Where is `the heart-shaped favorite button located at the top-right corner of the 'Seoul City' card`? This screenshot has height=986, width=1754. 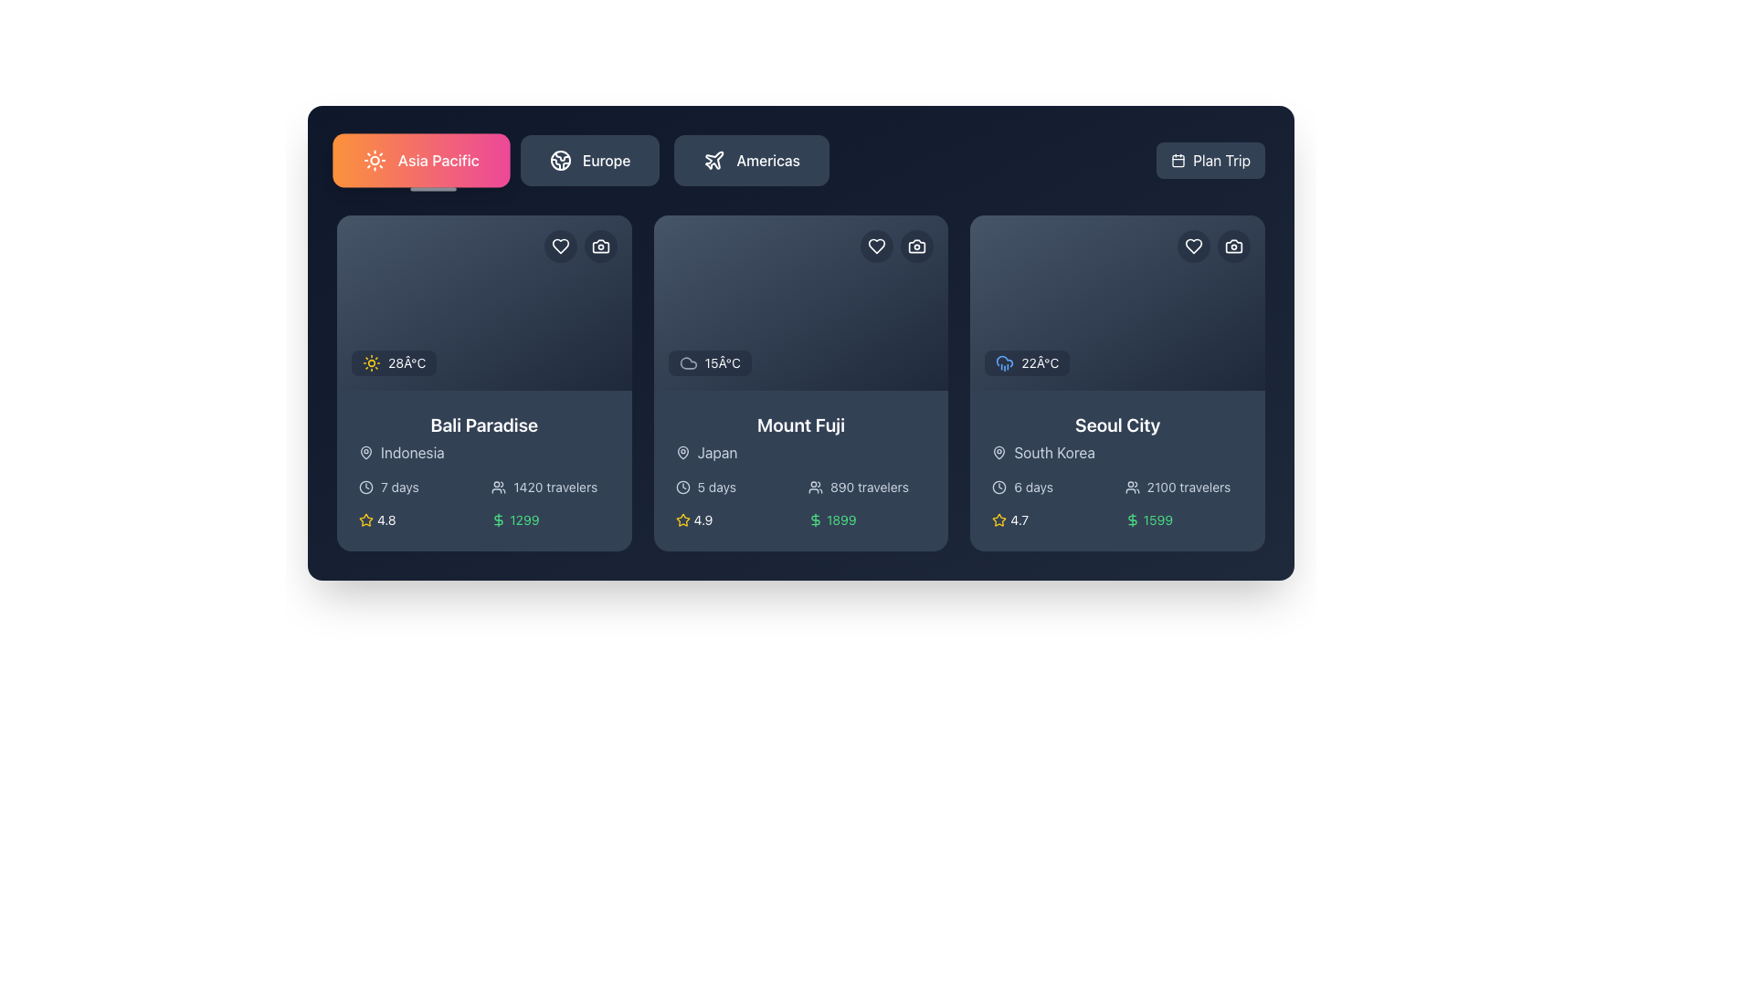 the heart-shaped favorite button located at the top-right corner of the 'Seoul City' card is located at coordinates (1193, 246).